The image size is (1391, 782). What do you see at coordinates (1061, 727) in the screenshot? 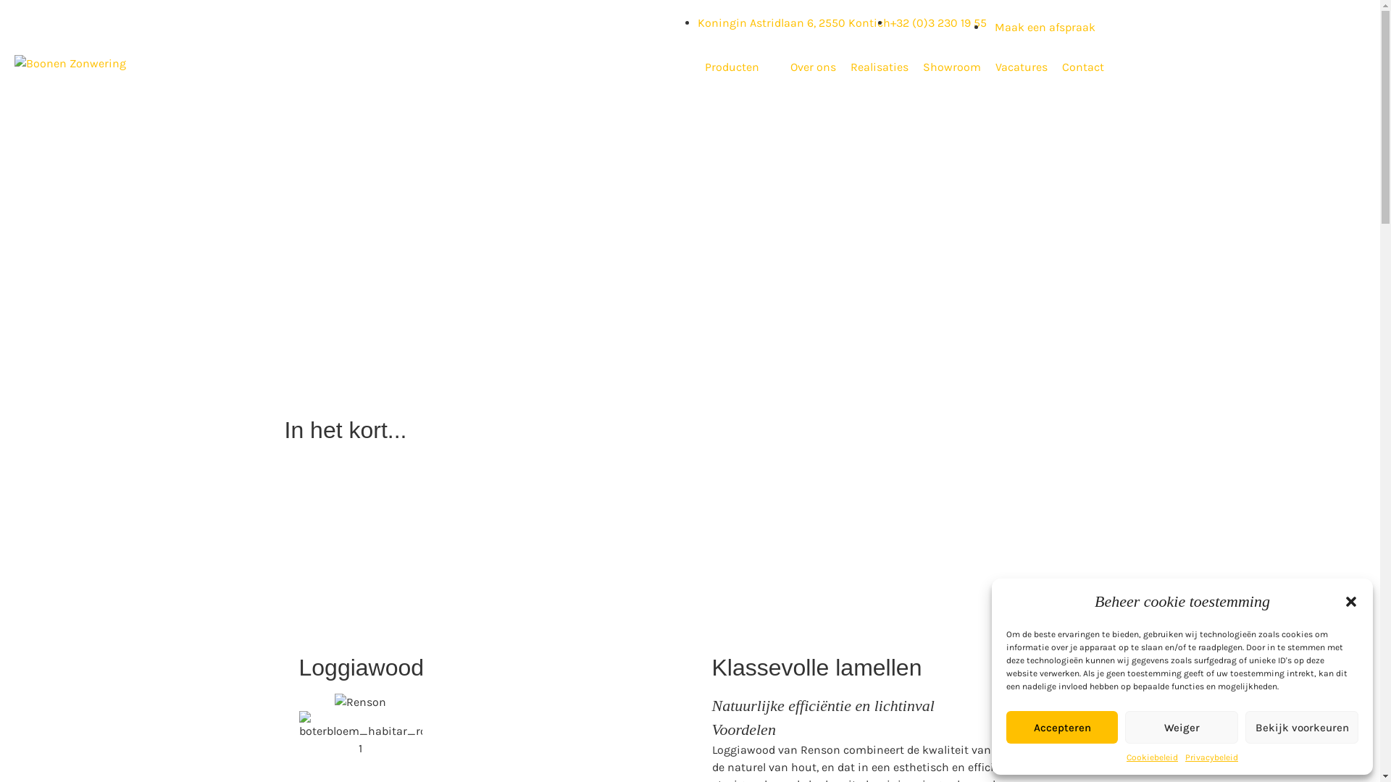
I see `'Accepteren'` at bounding box center [1061, 727].